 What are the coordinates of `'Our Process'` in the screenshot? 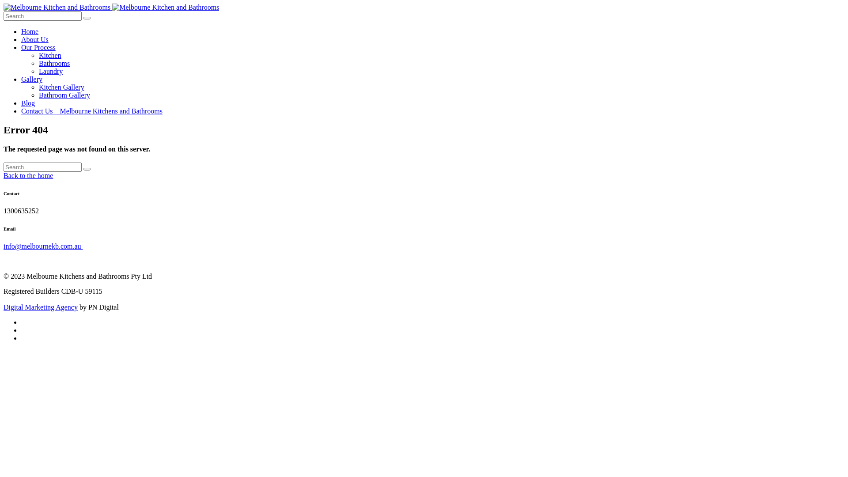 It's located at (38, 47).